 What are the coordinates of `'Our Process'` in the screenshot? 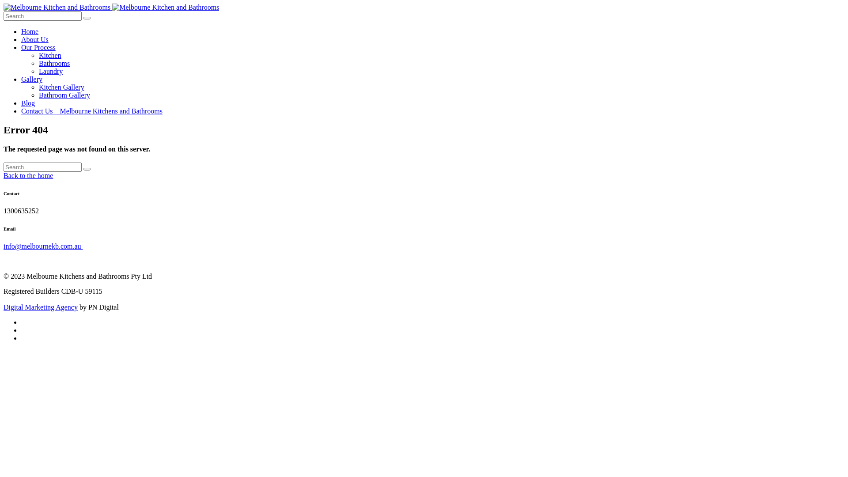 It's located at (38, 47).